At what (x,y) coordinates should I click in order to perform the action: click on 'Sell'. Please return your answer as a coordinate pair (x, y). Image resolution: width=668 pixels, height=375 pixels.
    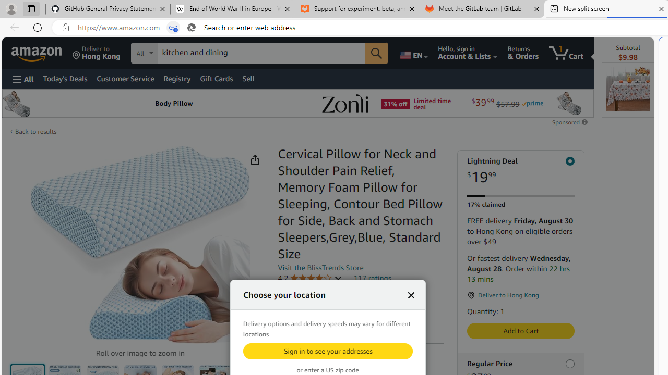
    Looking at the image, I should click on (247, 78).